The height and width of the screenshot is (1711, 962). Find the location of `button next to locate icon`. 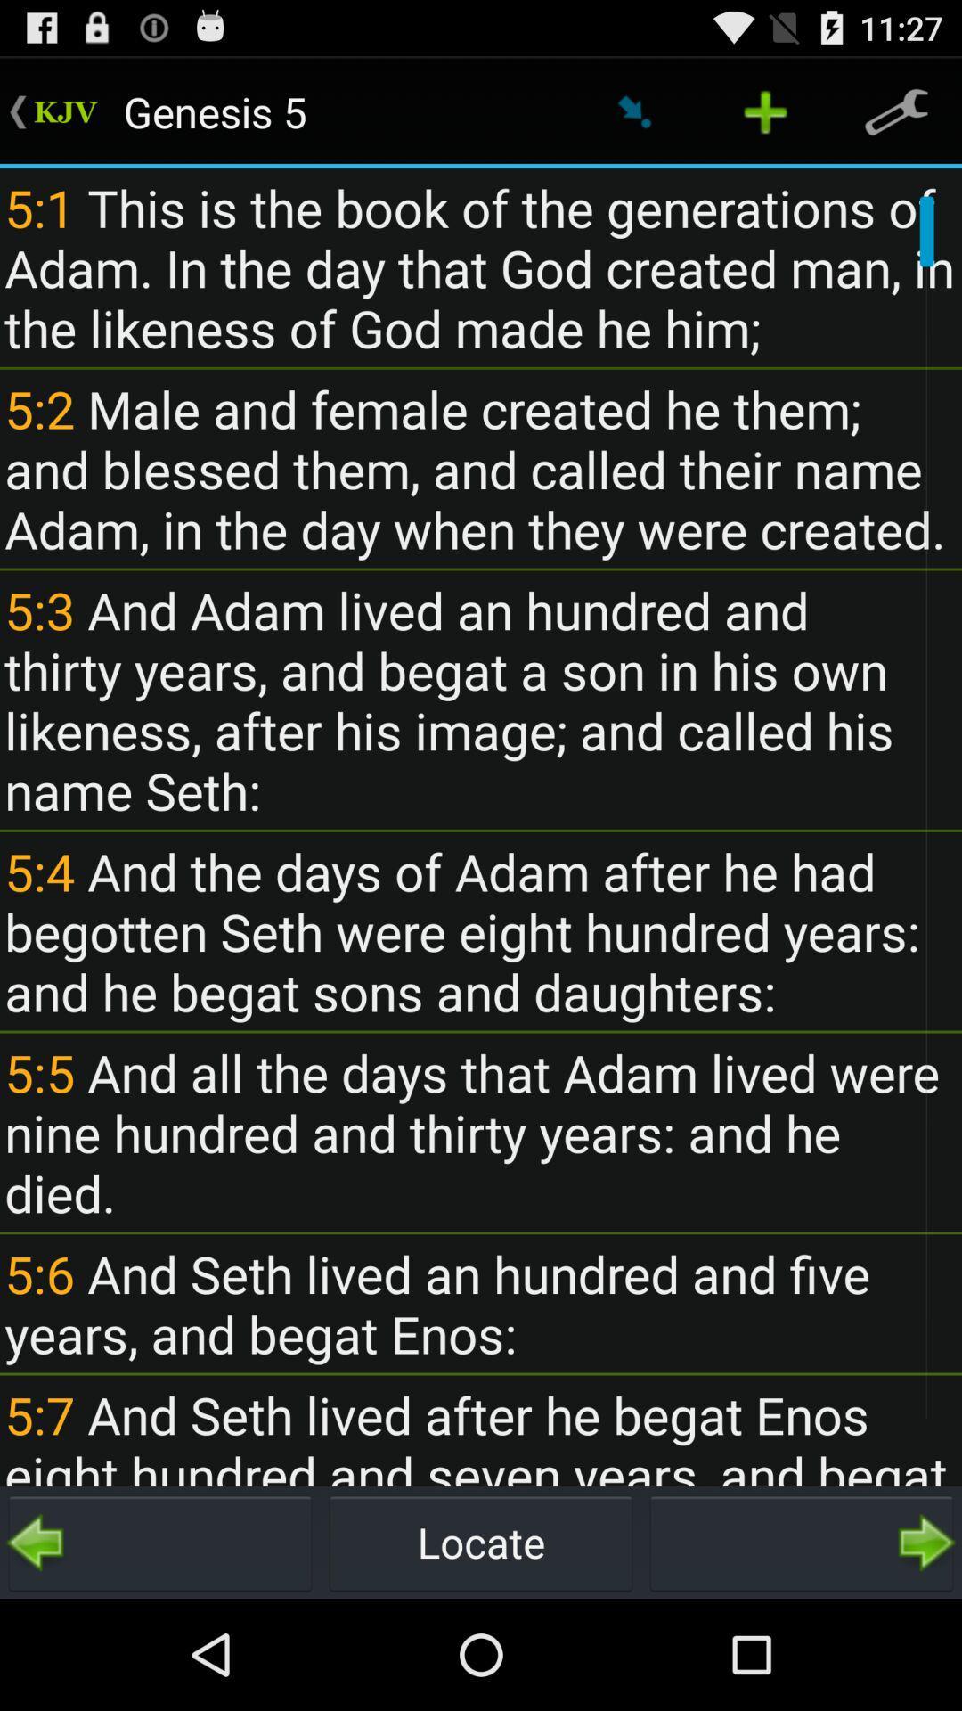

button next to locate icon is located at coordinates (800, 1542).